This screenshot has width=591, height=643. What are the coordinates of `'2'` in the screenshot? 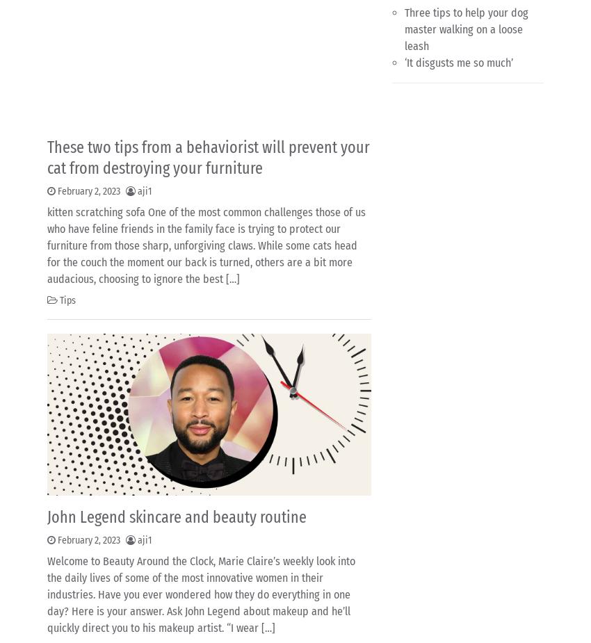 It's located at (71, 528).